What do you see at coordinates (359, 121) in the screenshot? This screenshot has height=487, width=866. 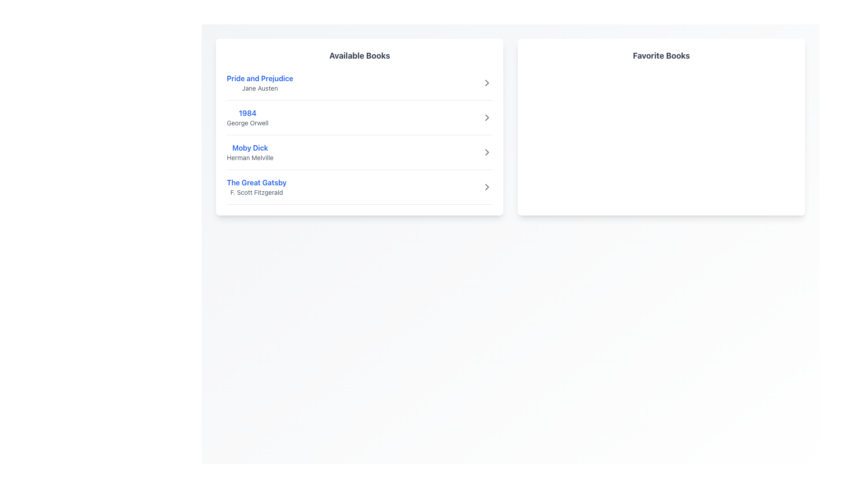 I see `to select the list item representing the book '1984' by George Orwell, which is the second row in the 'Available Books' list` at bounding box center [359, 121].